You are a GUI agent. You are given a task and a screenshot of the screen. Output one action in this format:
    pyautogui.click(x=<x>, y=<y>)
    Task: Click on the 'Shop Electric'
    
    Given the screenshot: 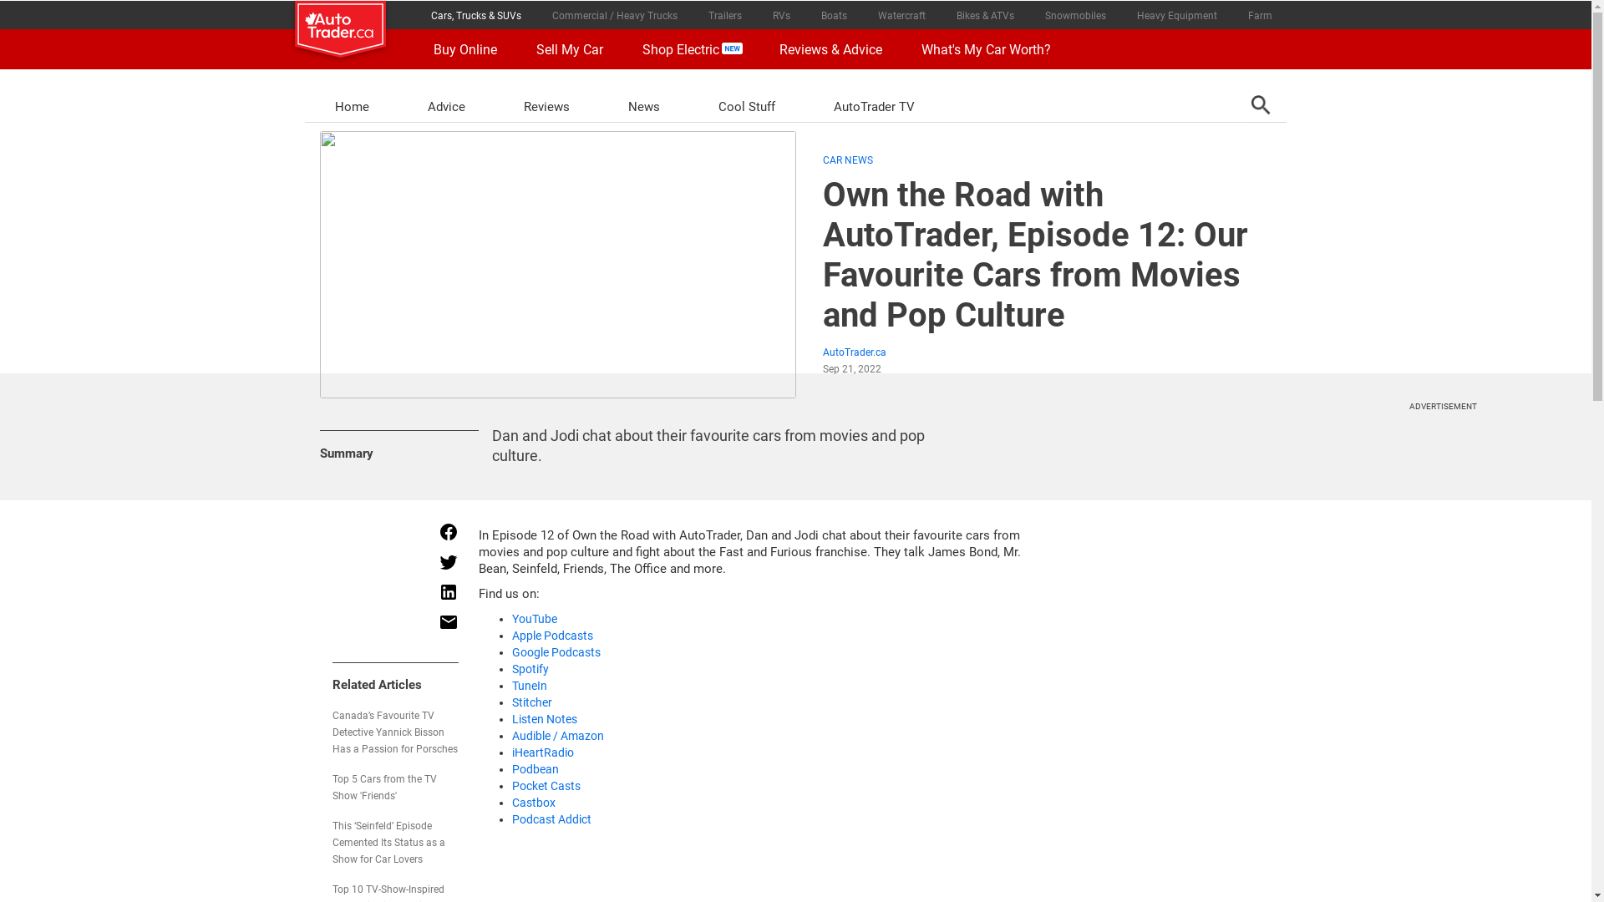 What is the action you would take?
    pyautogui.click(x=616, y=48)
    